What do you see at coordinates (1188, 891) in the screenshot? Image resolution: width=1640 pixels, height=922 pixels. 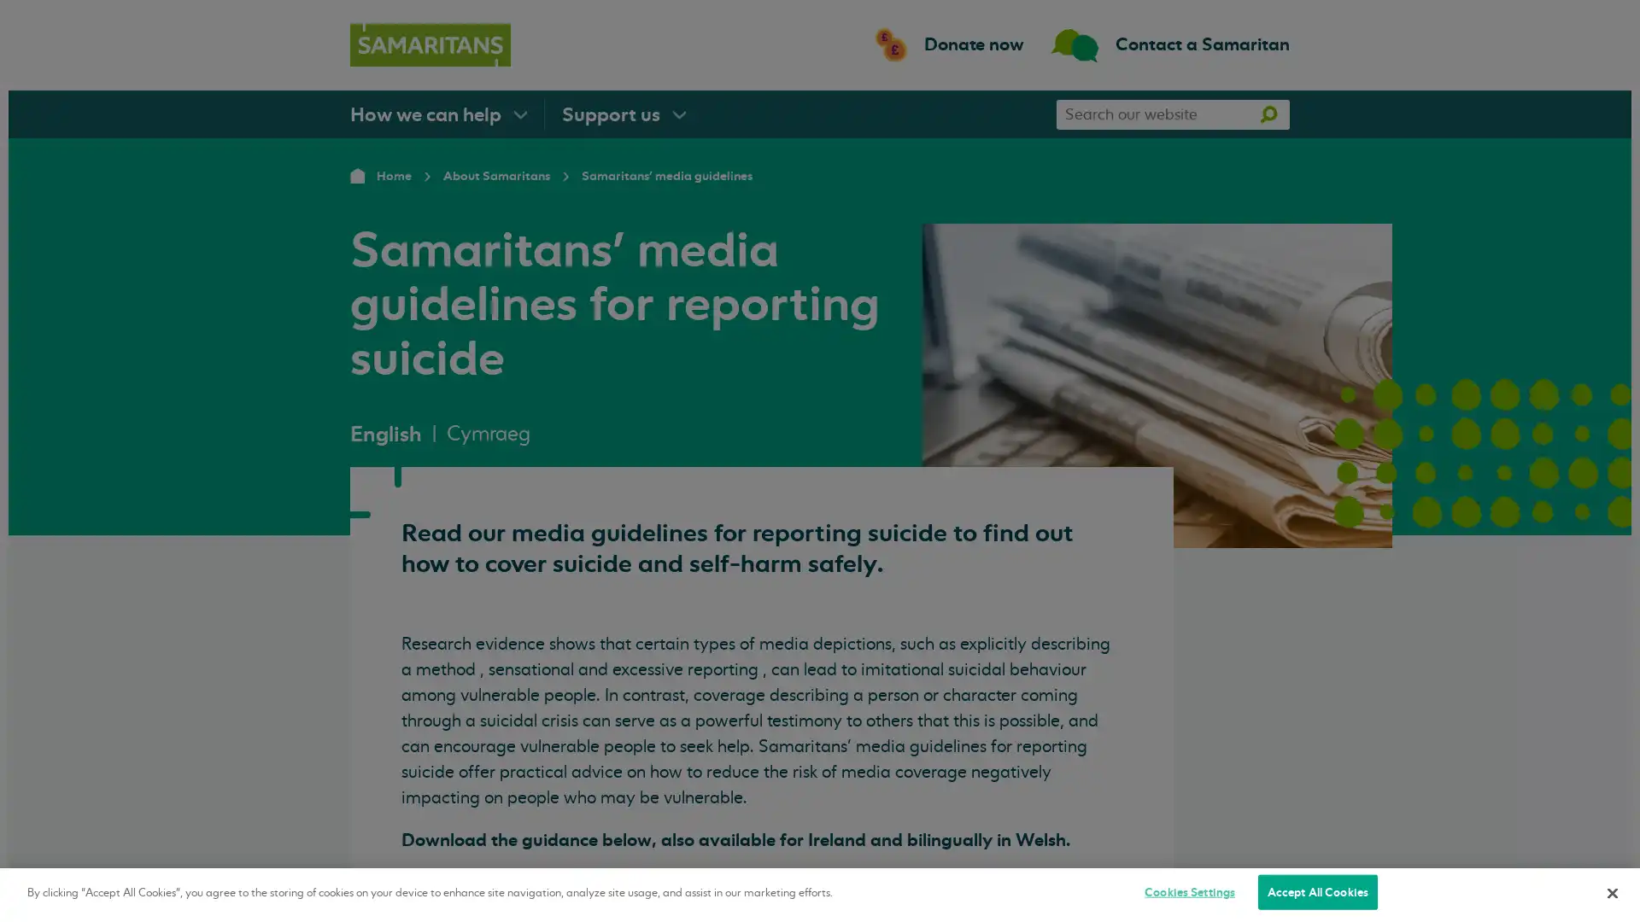 I see `Cookies Settings` at bounding box center [1188, 891].